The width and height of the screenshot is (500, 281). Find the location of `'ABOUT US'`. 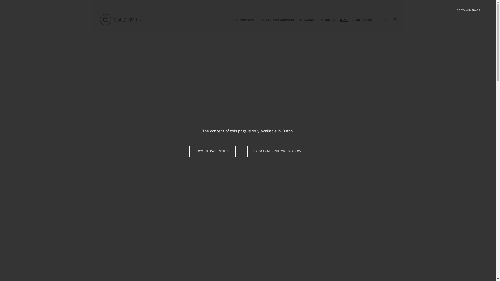

'ABOUT US' is located at coordinates (327, 19).